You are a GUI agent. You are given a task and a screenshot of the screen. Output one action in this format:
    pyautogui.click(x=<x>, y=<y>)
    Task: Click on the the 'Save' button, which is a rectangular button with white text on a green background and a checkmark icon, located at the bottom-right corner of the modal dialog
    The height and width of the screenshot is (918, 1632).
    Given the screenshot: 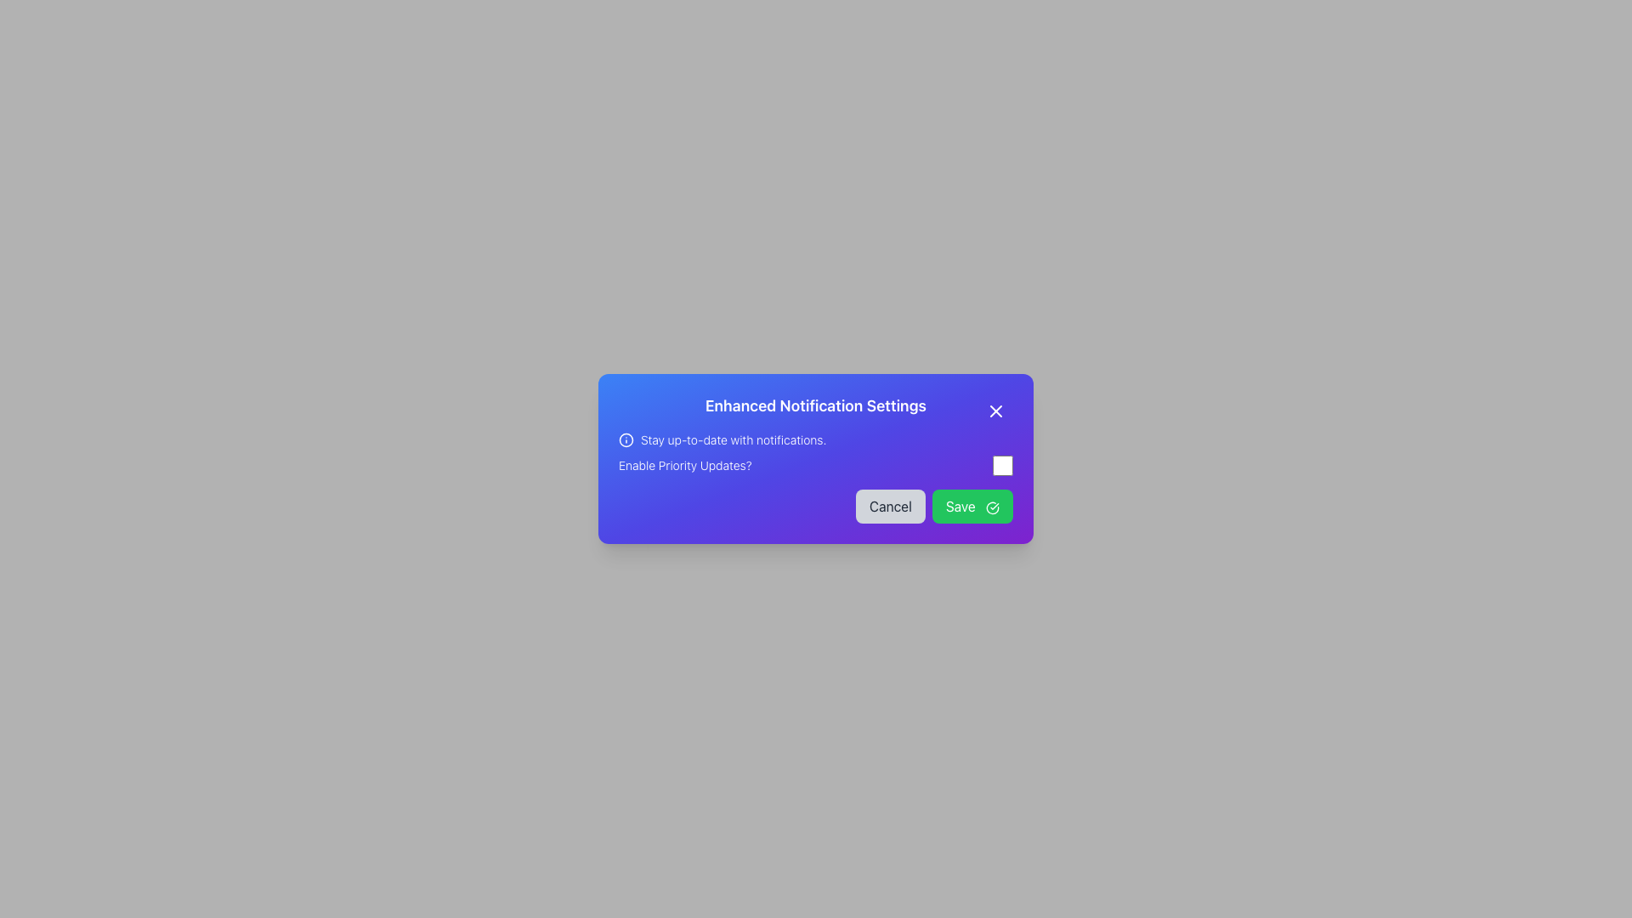 What is the action you would take?
    pyautogui.click(x=972, y=506)
    